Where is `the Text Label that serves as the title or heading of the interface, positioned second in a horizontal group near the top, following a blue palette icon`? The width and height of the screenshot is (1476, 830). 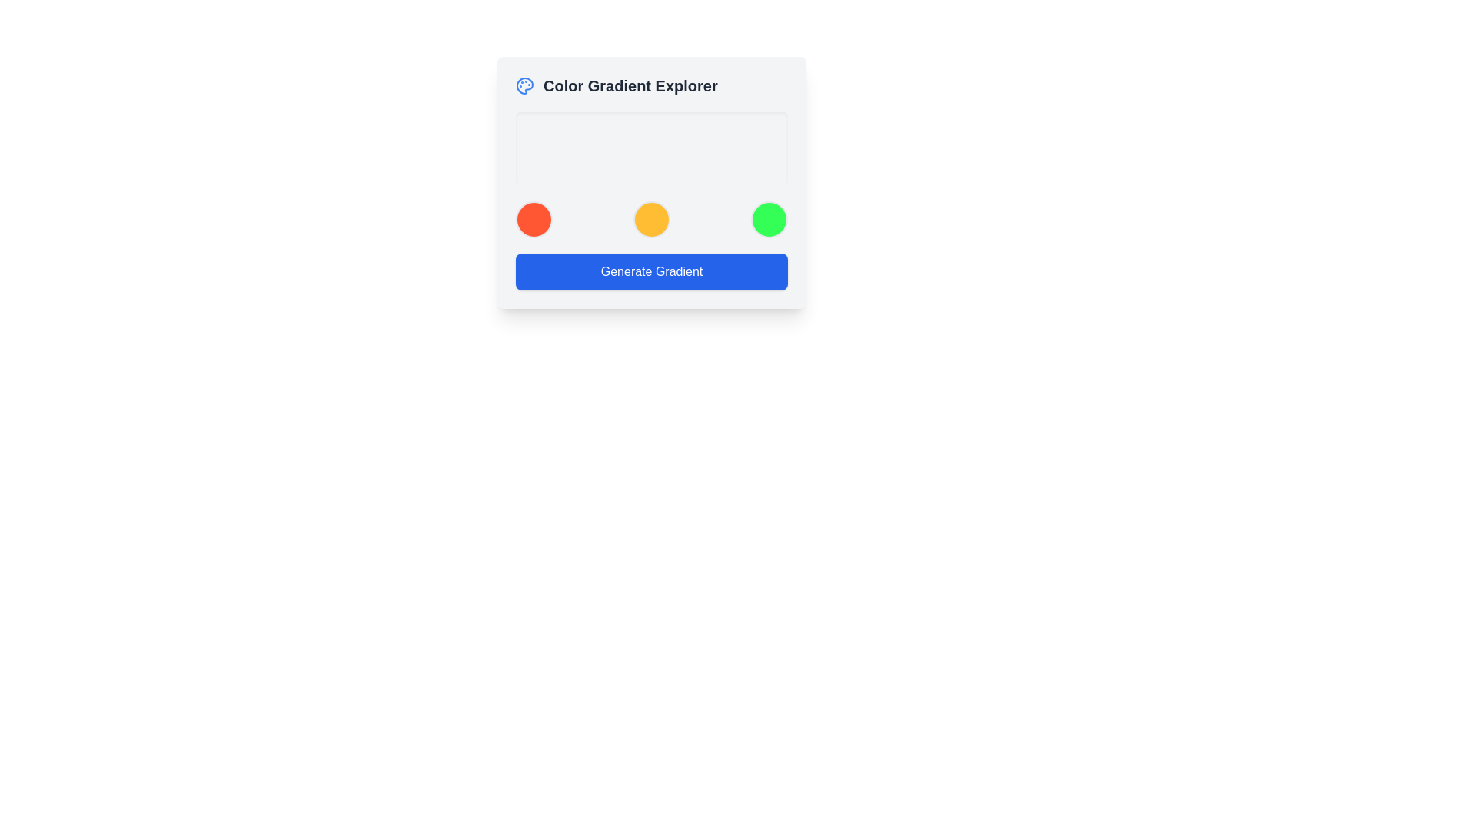 the Text Label that serves as the title or heading of the interface, positioned second in a horizontal group near the top, following a blue palette icon is located at coordinates (630, 85).